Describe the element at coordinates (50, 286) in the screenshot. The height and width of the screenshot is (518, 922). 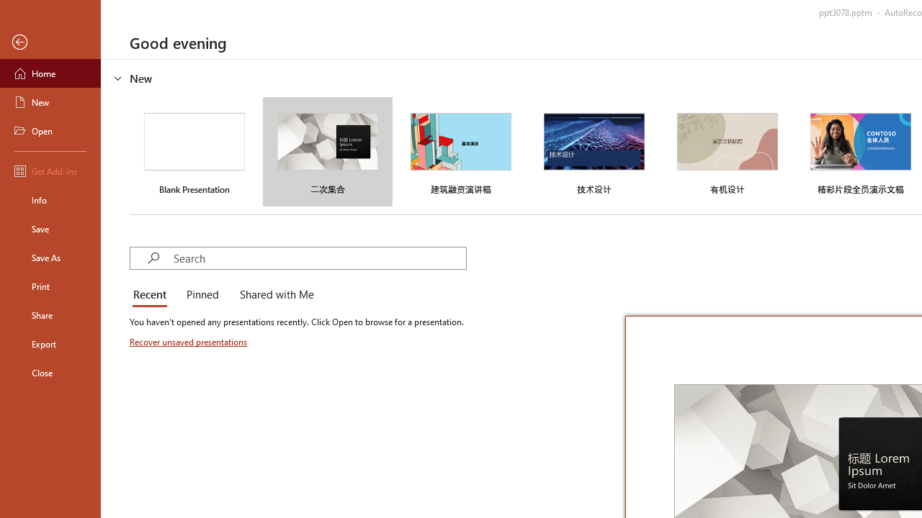
I see `'Print'` at that location.